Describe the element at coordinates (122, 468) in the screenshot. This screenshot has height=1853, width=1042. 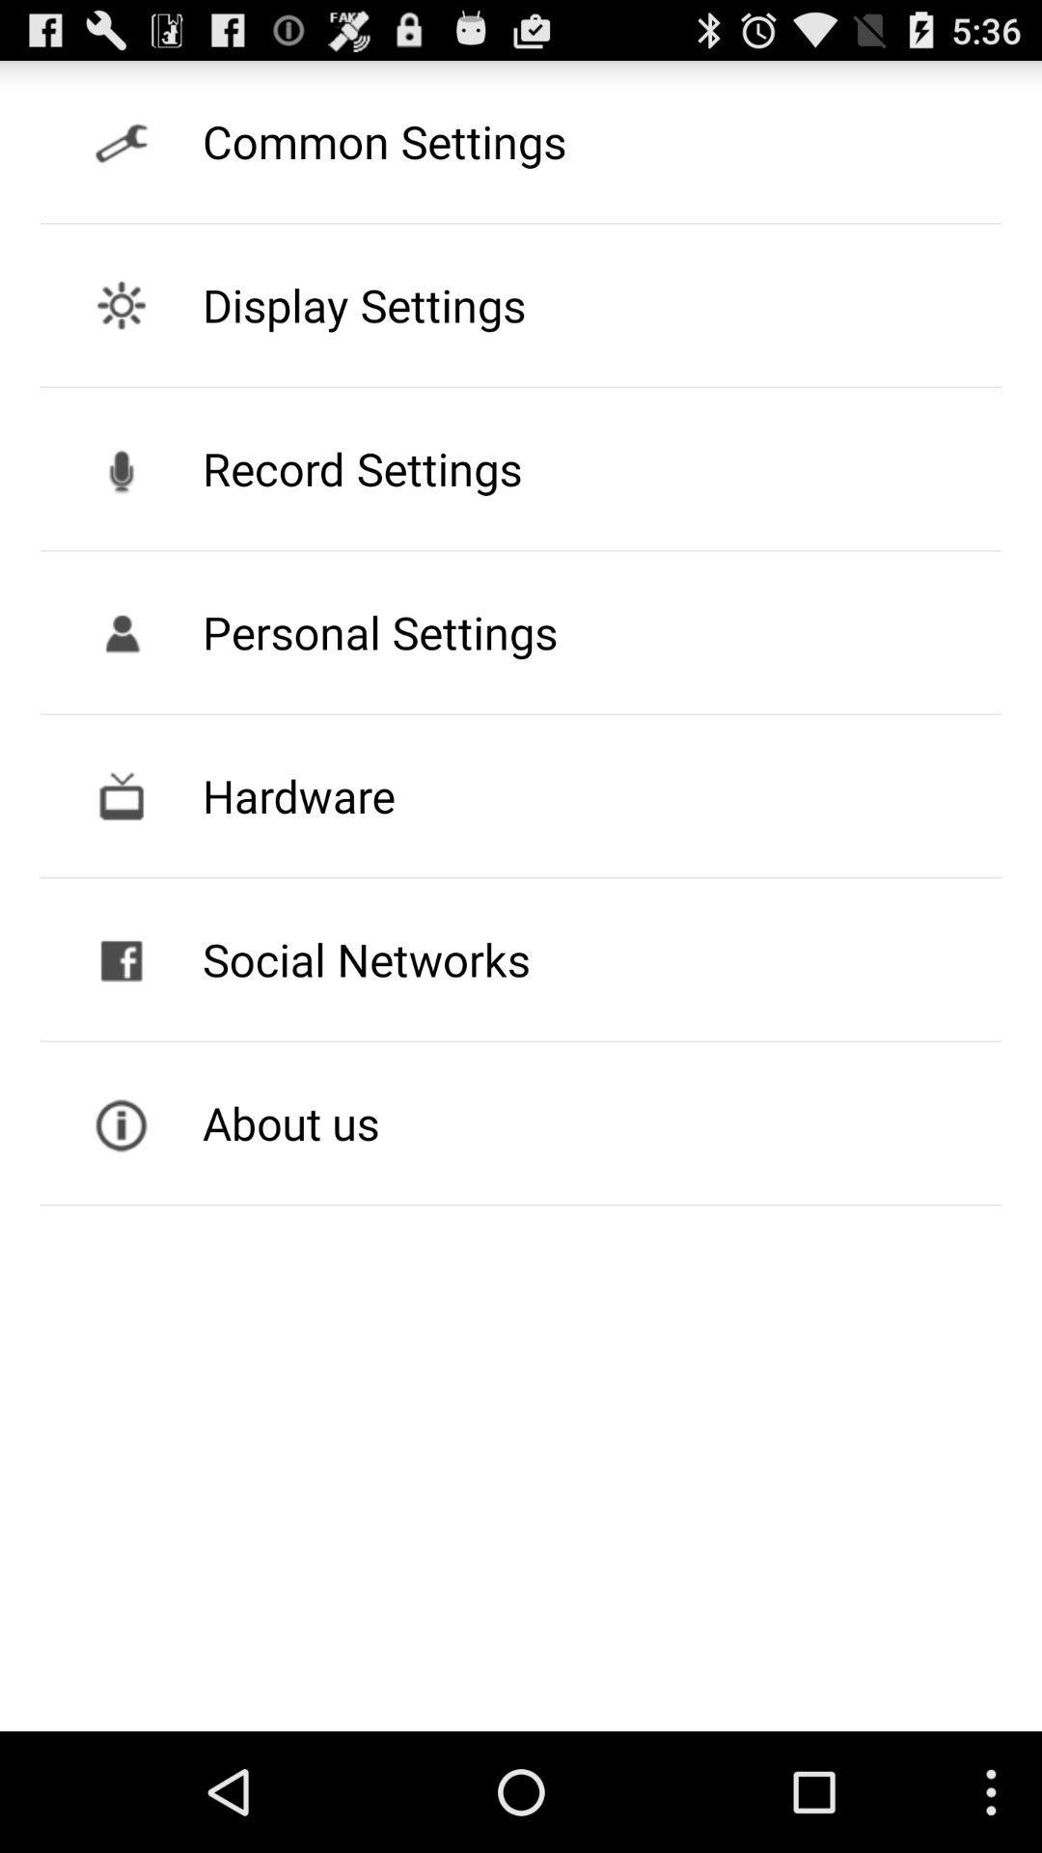
I see `the record button beside record settings` at that location.